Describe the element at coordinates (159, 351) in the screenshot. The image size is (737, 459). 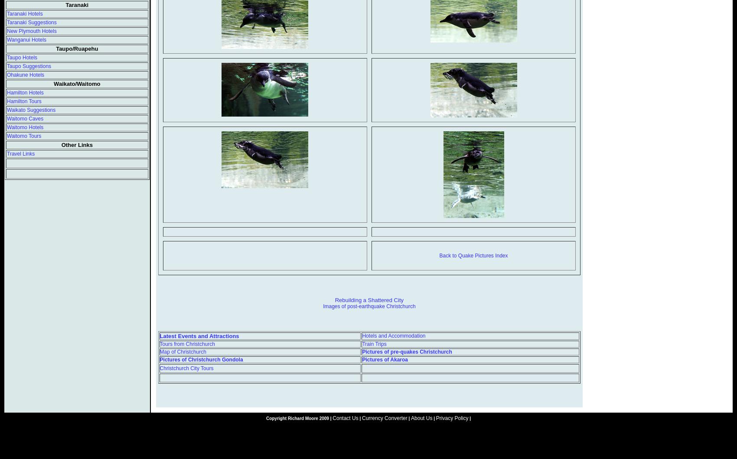
I see `'Map 
                  of Christchurch'` at that location.